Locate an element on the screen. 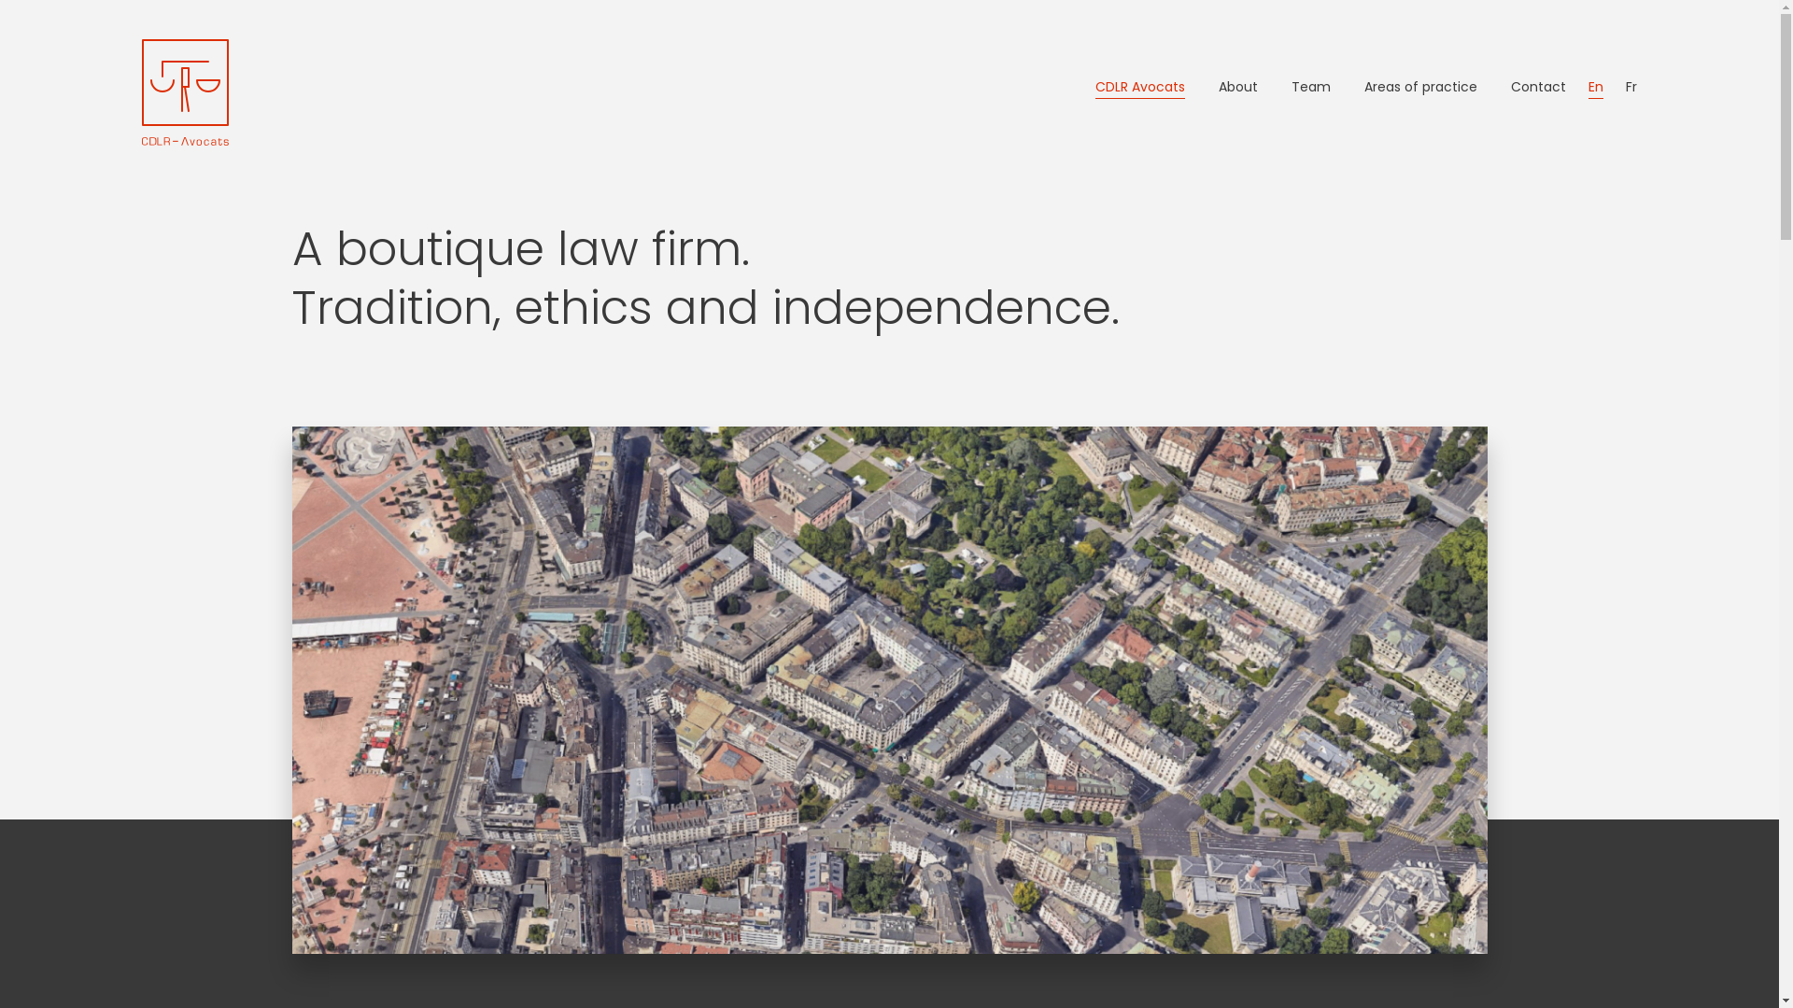 The height and width of the screenshot is (1008, 1793). 'Fr' is located at coordinates (1631, 87).